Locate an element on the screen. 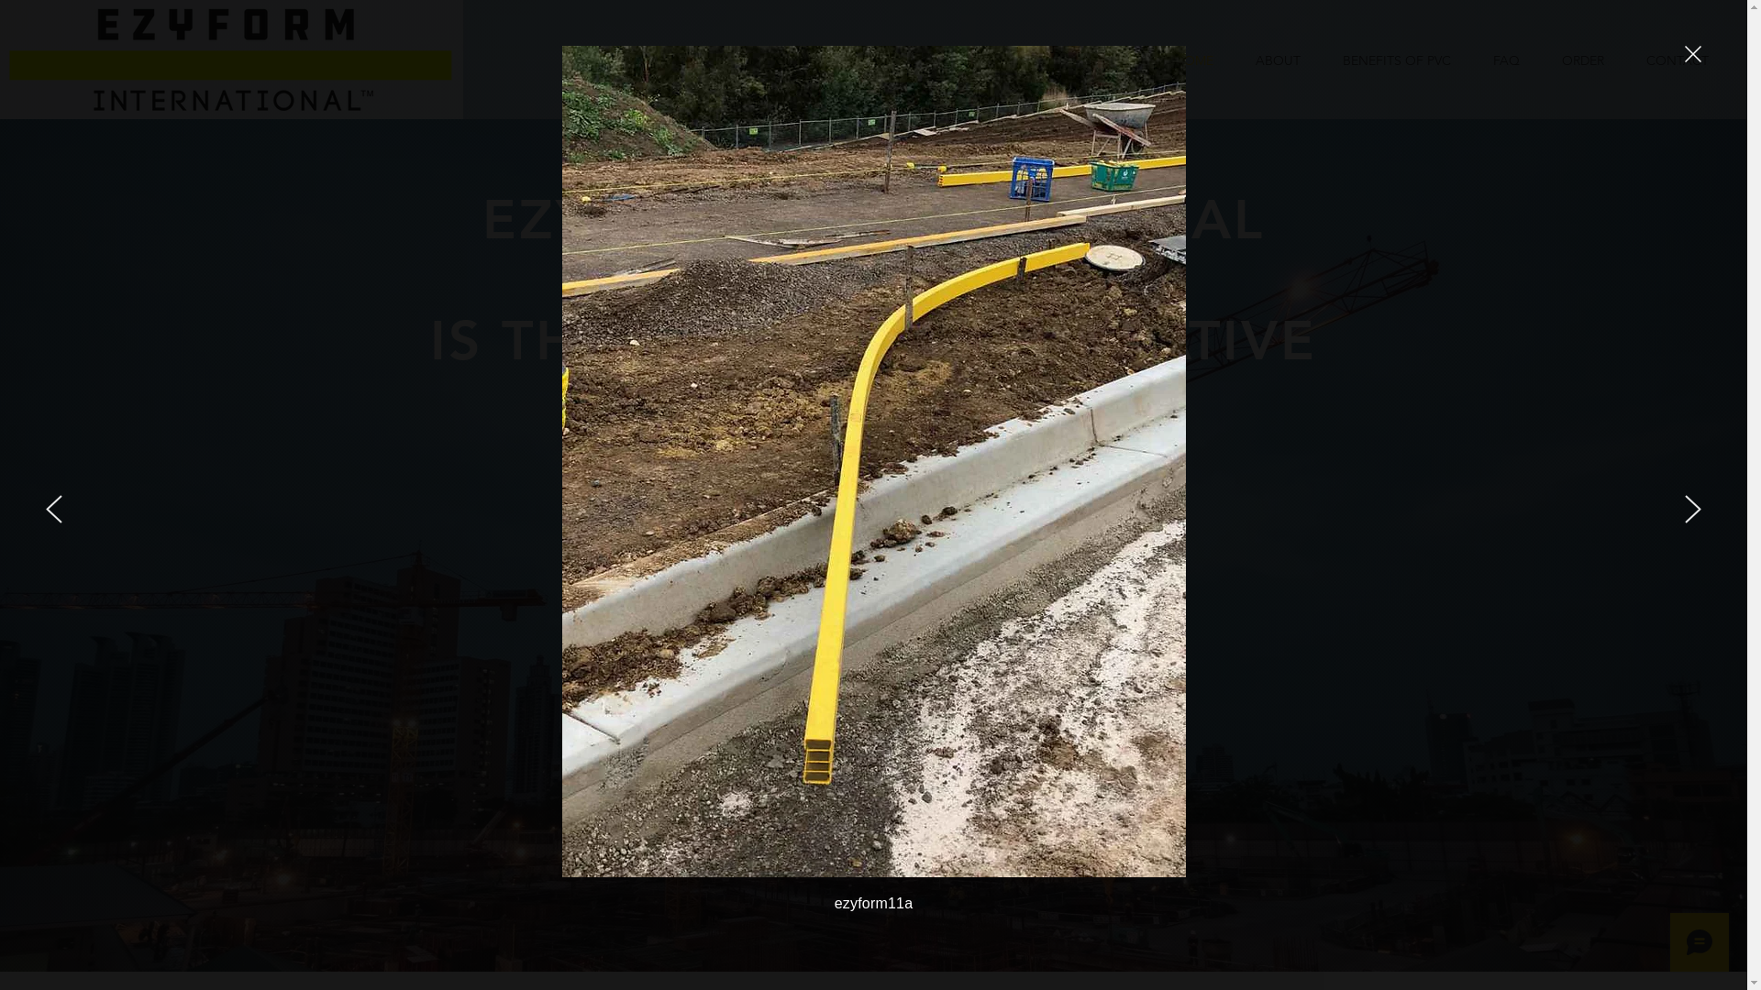 The width and height of the screenshot is (1761, 990). 'BENEFITS OF PVC' is located at coordinates (1395, 60).